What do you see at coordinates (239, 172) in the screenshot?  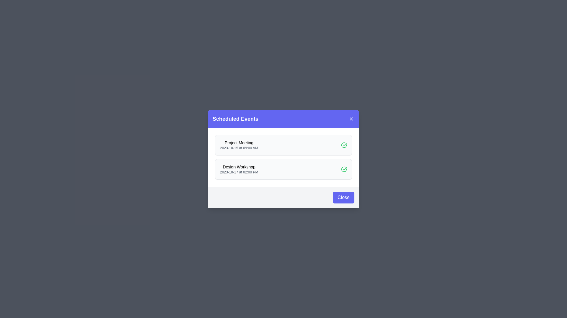 I see `the Text label displaying the scheduled date and time for the 'Design Workshop' event, which is located within the 'Scheduled Events' modal, directly beneath the 'Design Workshop' header` at bounding box center [239, 172].